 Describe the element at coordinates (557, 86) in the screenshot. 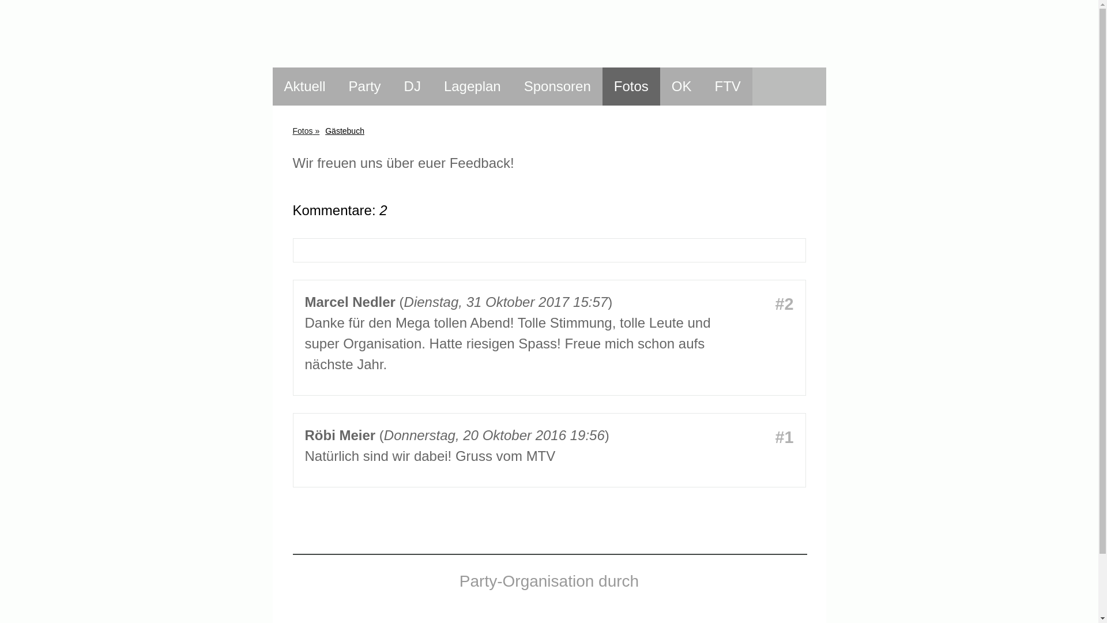

I see `'Sponsoren'` at that location.